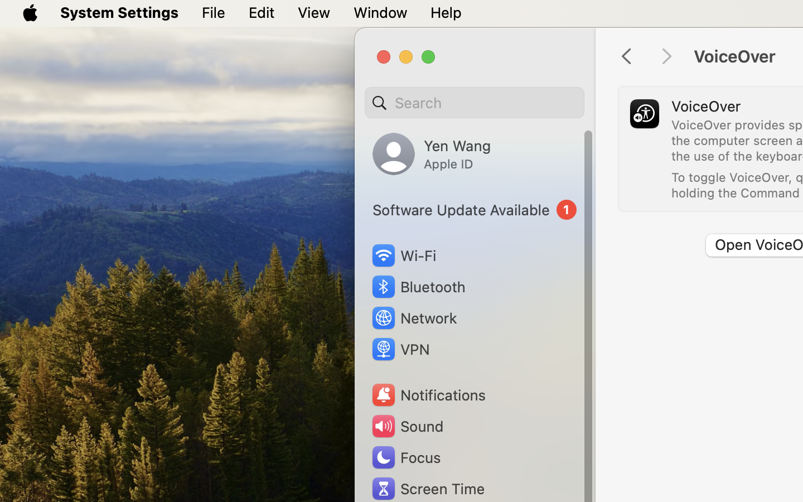  What do you see at coordinates (406, 426) in the screenshot?
I see `'Sound'` at bounding box center [406, 426].